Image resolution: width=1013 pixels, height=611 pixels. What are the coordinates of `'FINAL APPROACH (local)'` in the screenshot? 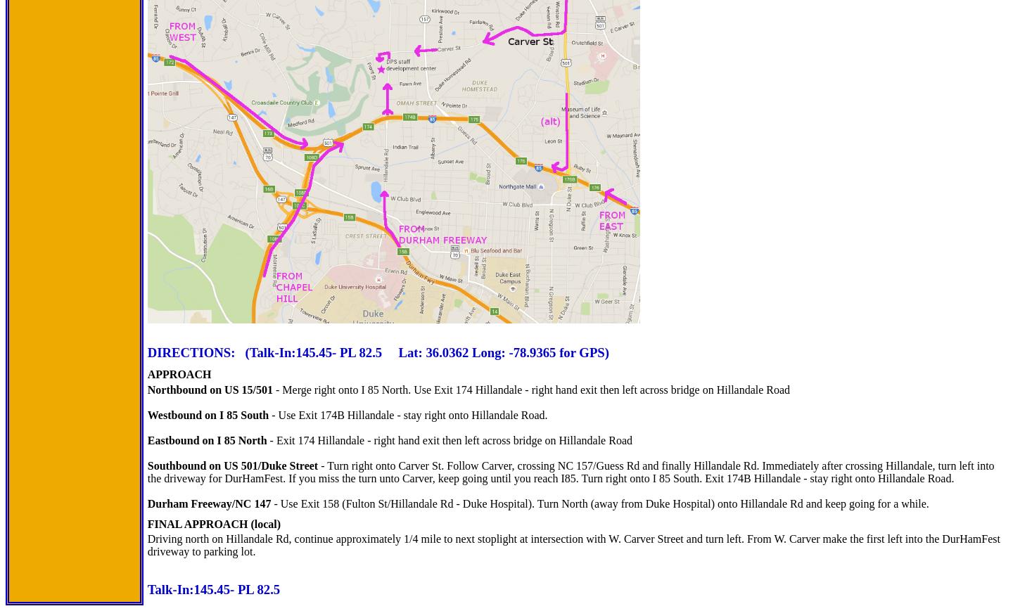 It's located at (213, 523).